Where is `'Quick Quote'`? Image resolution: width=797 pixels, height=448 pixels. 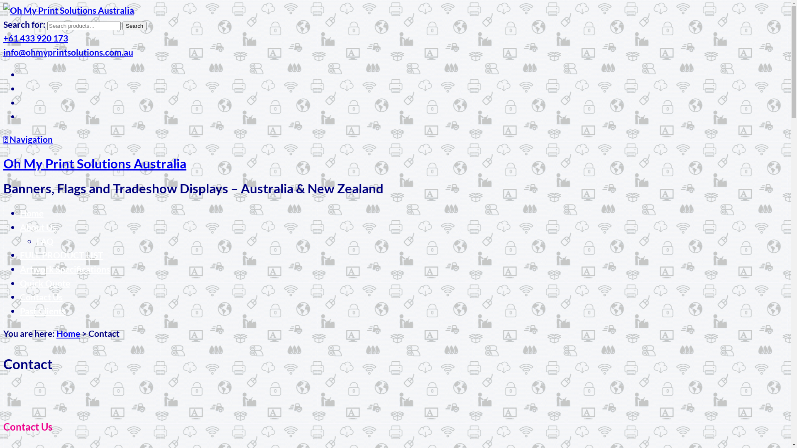 'Quick Quote' is located at coordinates (44, 282).